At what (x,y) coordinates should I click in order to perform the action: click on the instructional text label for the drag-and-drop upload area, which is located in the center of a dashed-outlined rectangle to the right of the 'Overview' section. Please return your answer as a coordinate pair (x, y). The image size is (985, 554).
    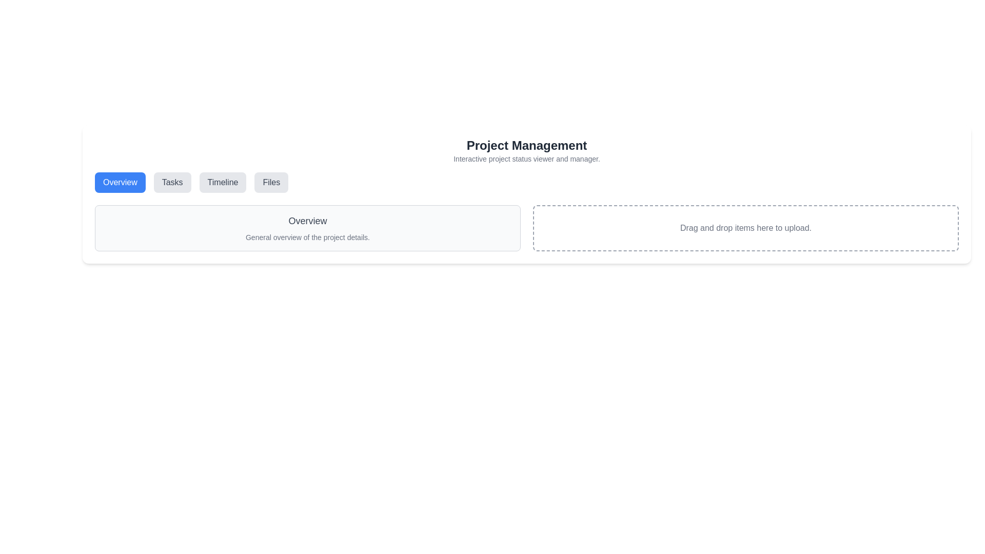
    Looking at the image, I should click on (746, 227).